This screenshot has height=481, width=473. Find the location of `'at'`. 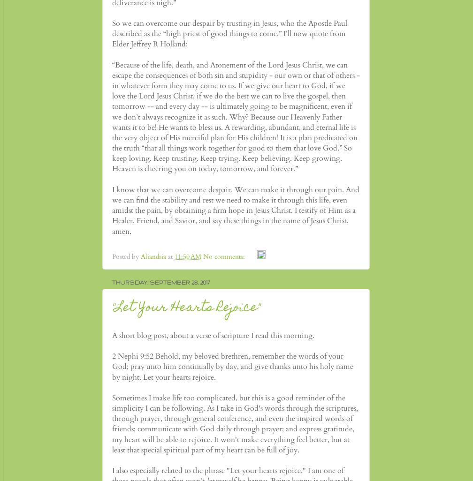

'at' is located at coordinates (171, 256).